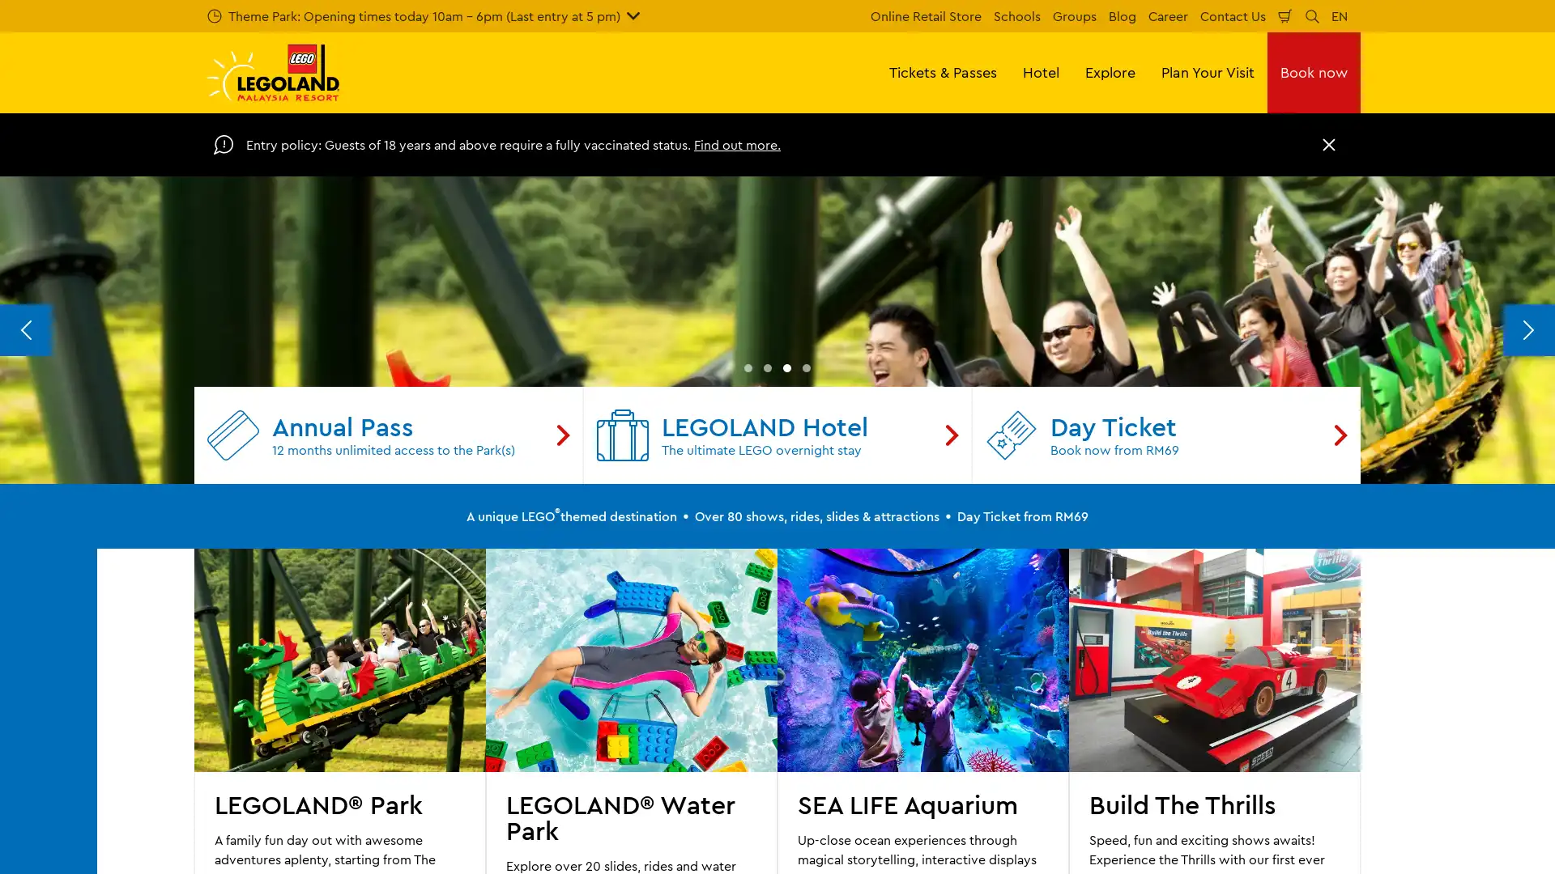  Describe the element at coordinates (747, 689) in the screenshot. I see `Go to slide 1` at that location.